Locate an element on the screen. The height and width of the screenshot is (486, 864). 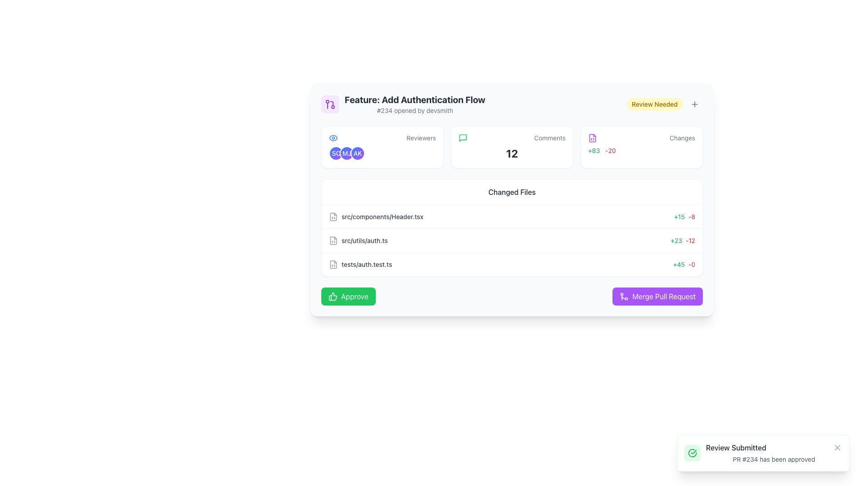
the text label displaying 'src/utils/auth.ts' in gray font is located at coordinates (364, 240).